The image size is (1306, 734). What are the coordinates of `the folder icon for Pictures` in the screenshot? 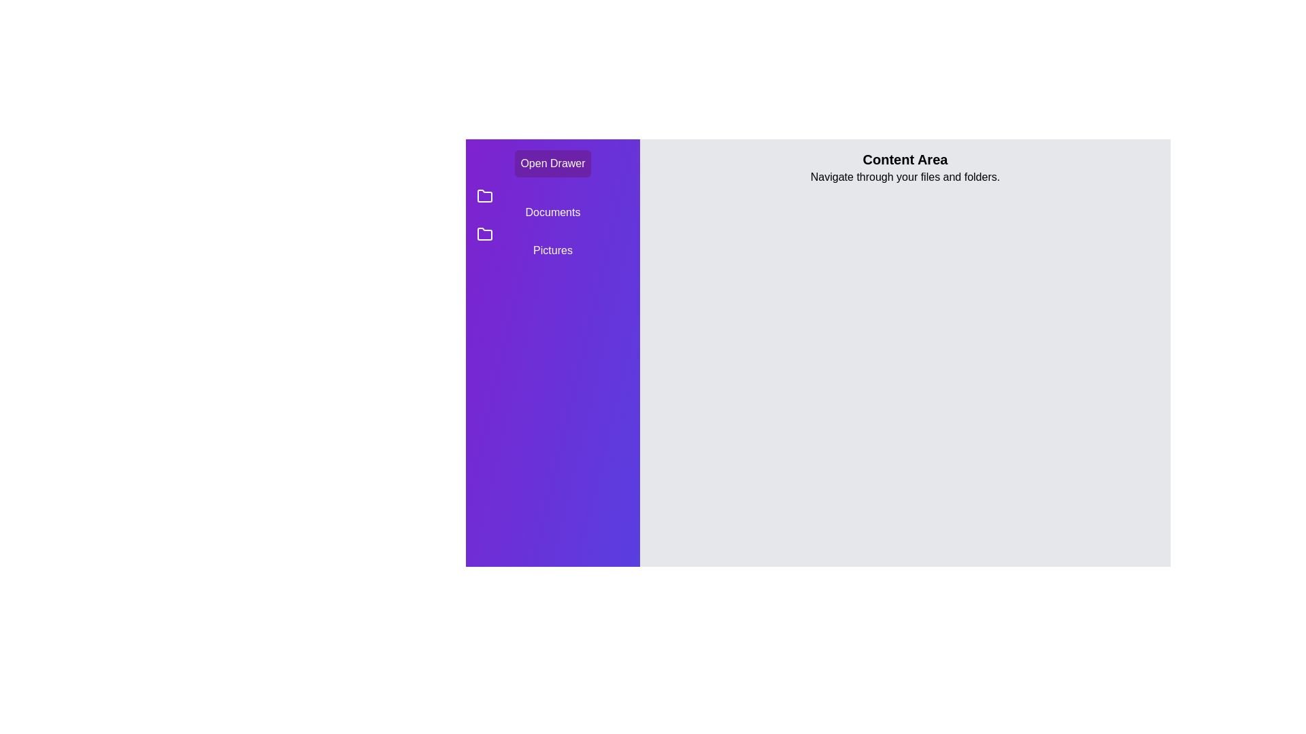 It's located at (485, 233).